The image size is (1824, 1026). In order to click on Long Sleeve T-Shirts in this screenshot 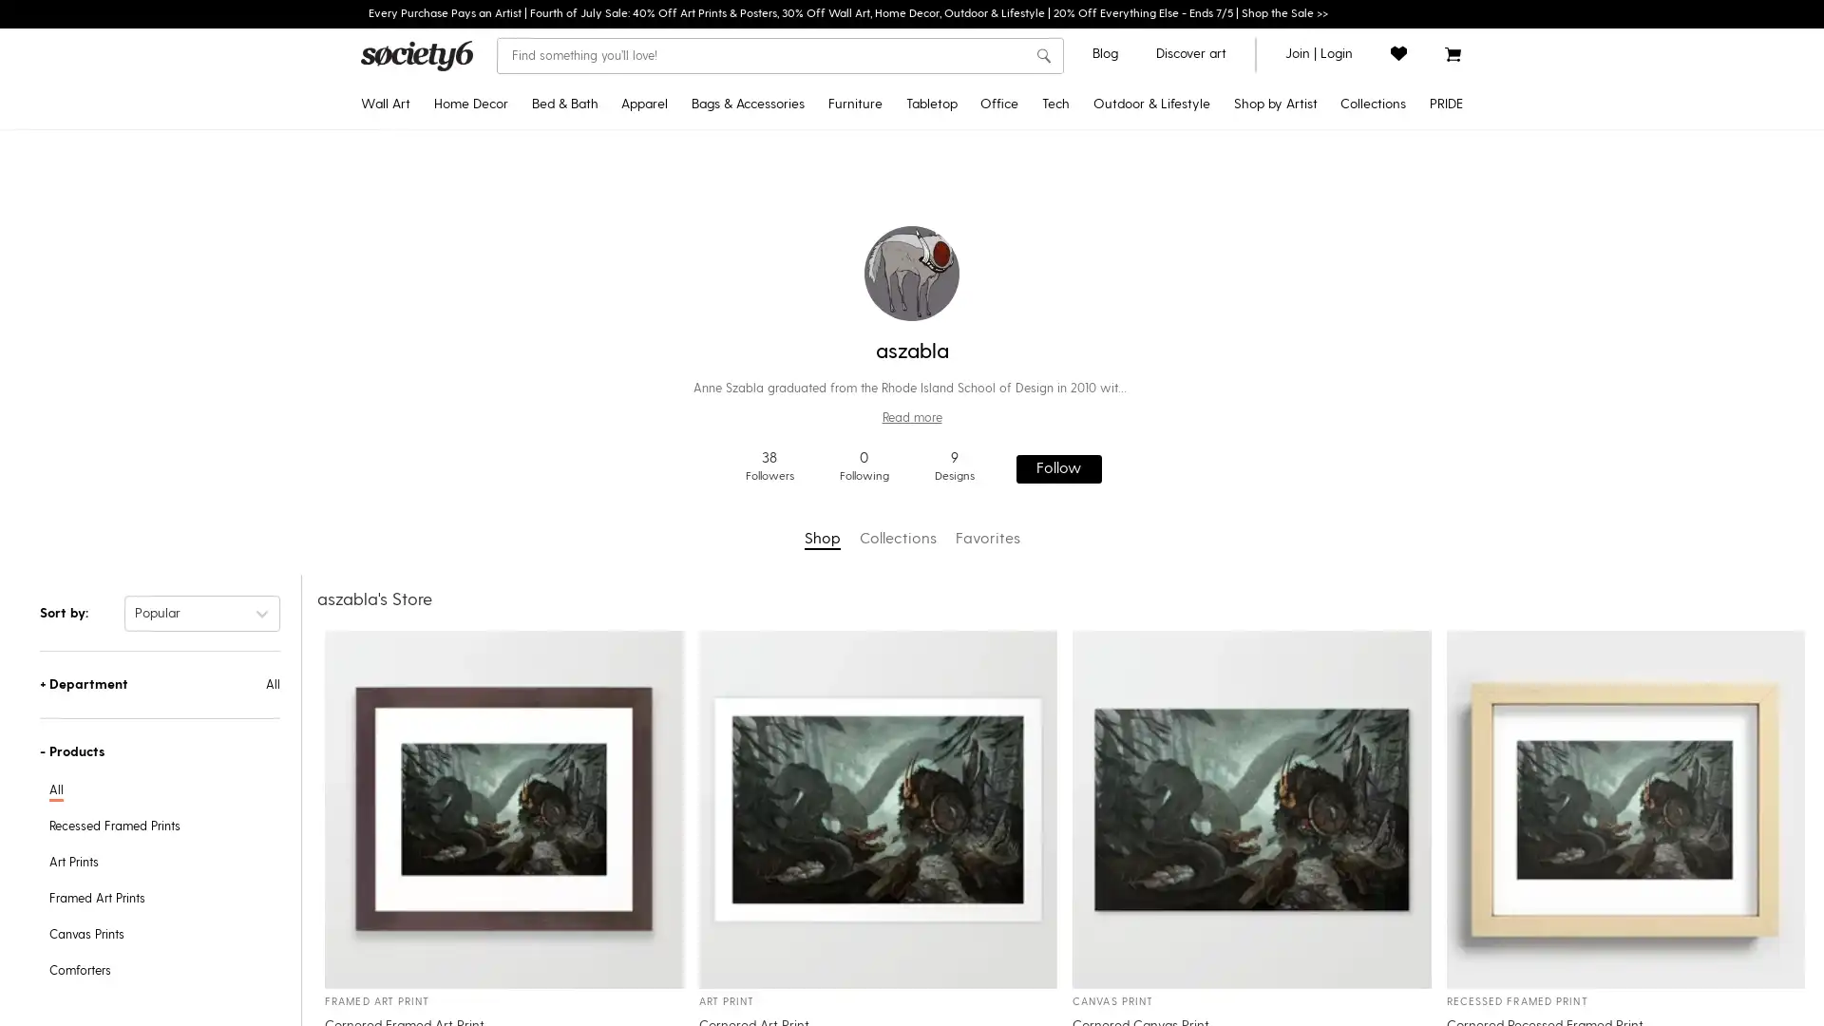, I will do `click(704, 243)`.